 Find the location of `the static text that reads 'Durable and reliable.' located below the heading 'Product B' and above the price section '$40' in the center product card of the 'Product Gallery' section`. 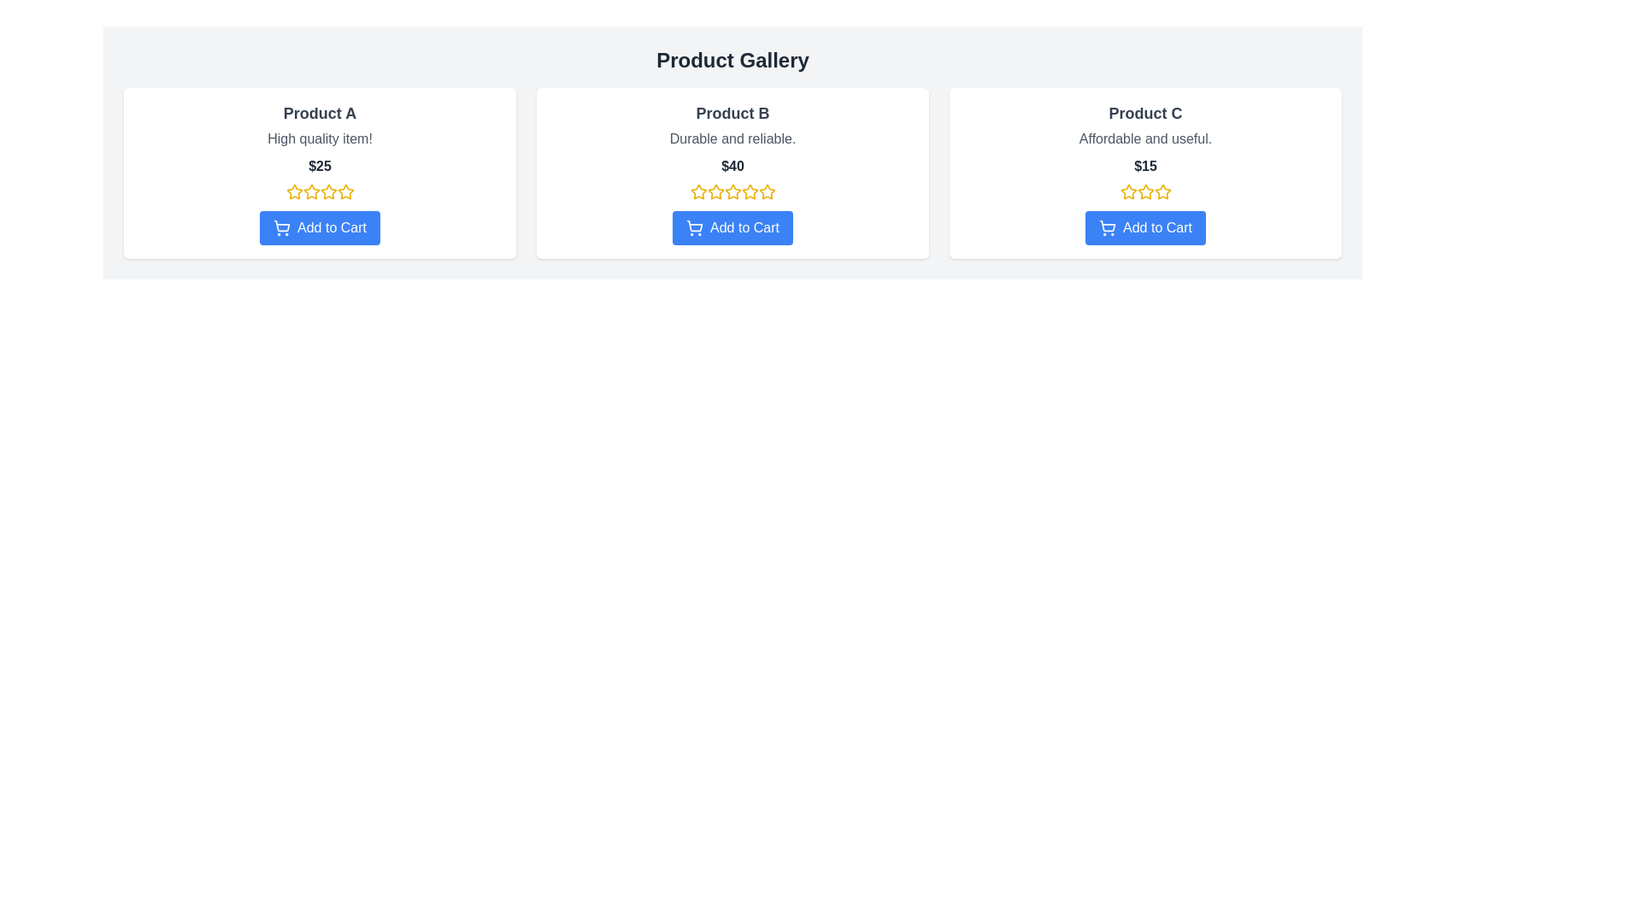

the static text that reads 'Durable and reliable.' located below the heading 'Product B' and above the price section '$40' in the center product card of the 'Product Gallery' section is located at coordinates (732, 138).